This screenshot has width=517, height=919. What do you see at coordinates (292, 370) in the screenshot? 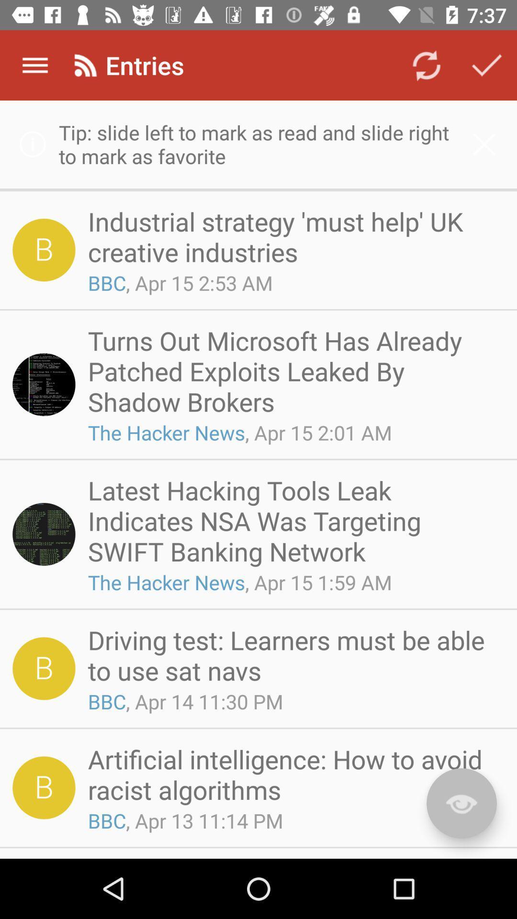
I see `the icon below bbc apr 15 app` at bounding box center [292, 370].